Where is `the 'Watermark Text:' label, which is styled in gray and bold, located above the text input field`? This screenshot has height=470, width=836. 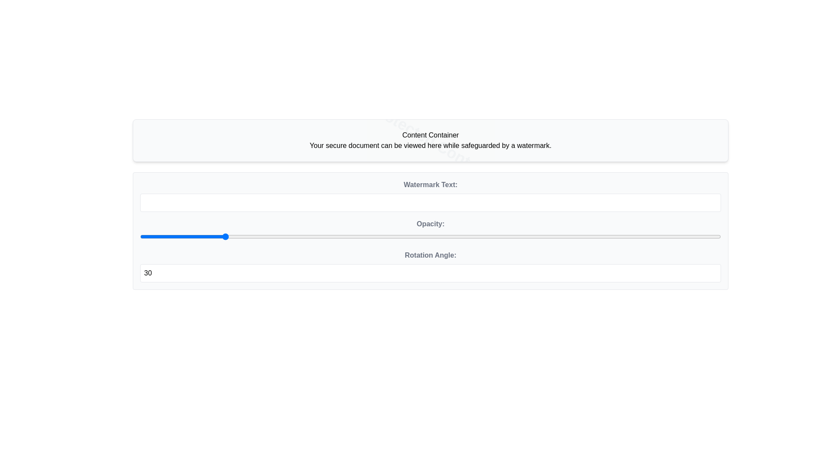
the 'Watermark Text:' label, which is styled in gray and bold, located above the text input field is located at coordinates (430, 184).